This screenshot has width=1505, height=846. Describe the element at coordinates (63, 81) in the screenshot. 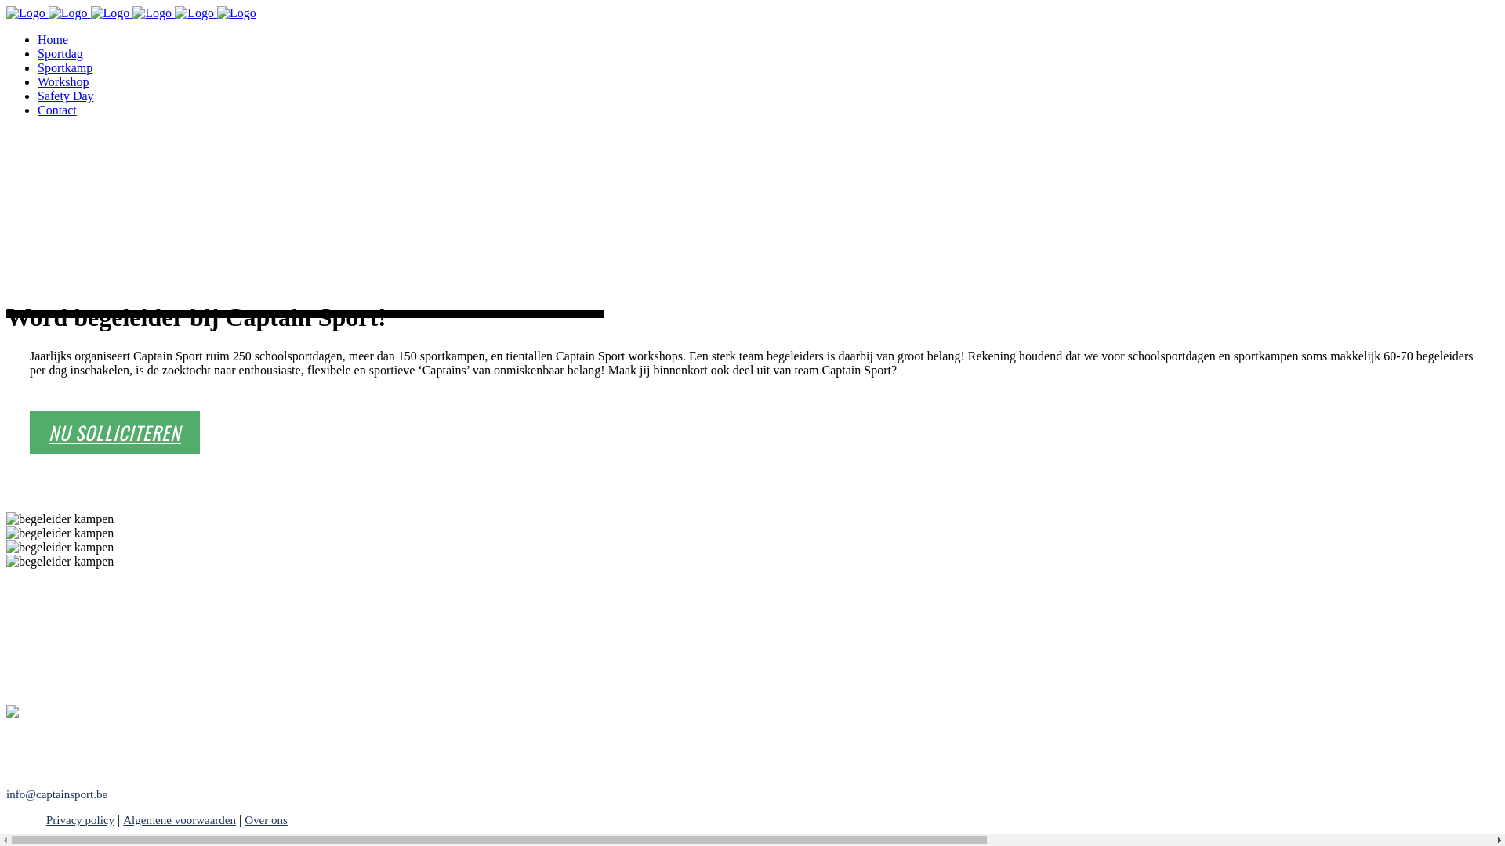

I see `'Workshop'` at that location.